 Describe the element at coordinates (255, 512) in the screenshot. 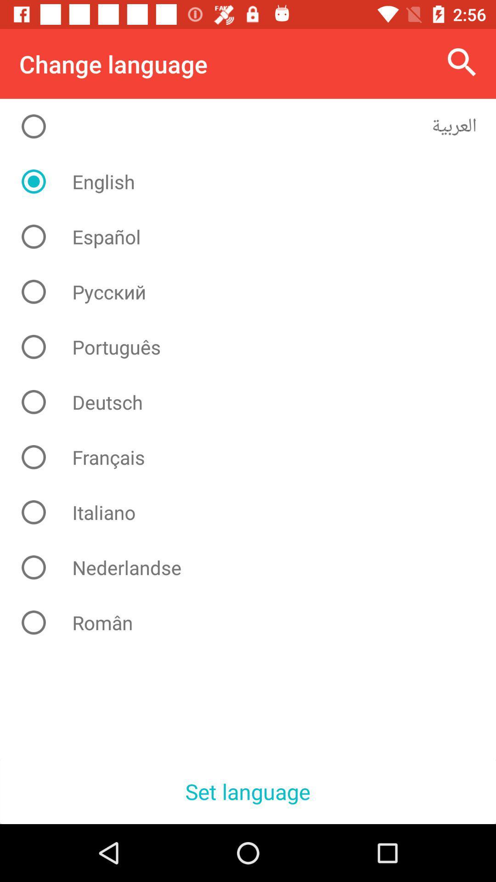

I see `italiano item` at that location.